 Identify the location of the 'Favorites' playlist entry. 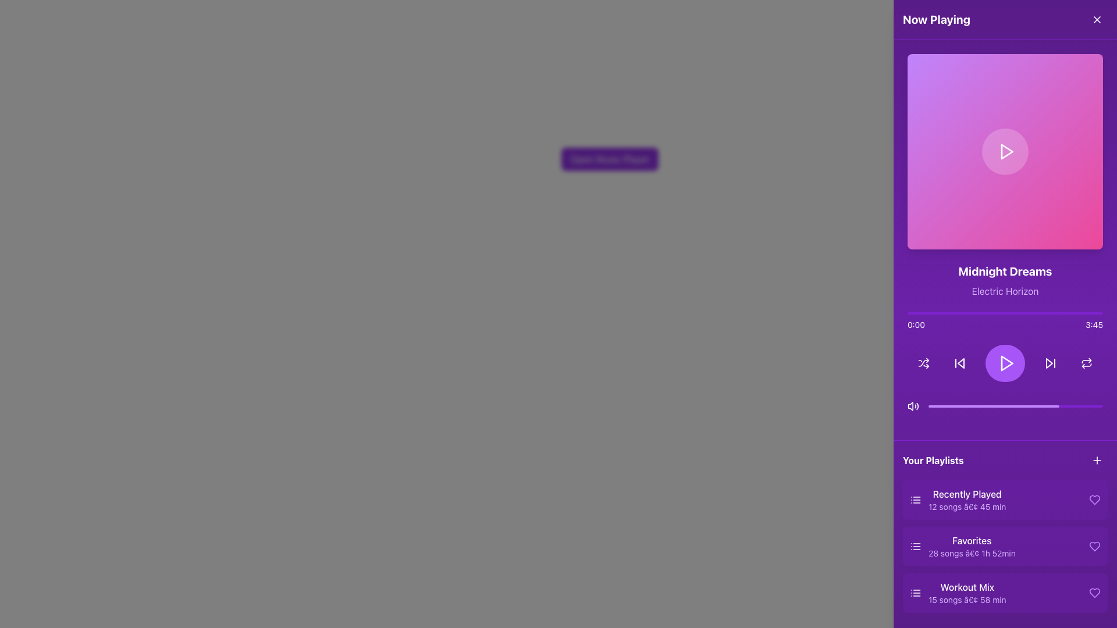
(962, 547).